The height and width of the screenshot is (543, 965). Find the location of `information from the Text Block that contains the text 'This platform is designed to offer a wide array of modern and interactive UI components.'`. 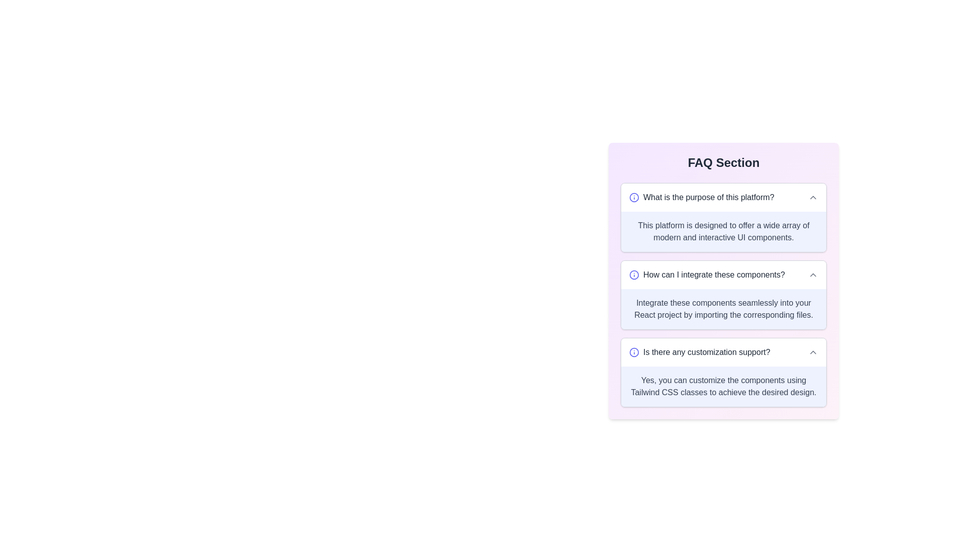

information from the Text Block that contains the text 'This platform is designed to offer a wide array of modern and interactive UI components.' is located at coordinates (724, 232).